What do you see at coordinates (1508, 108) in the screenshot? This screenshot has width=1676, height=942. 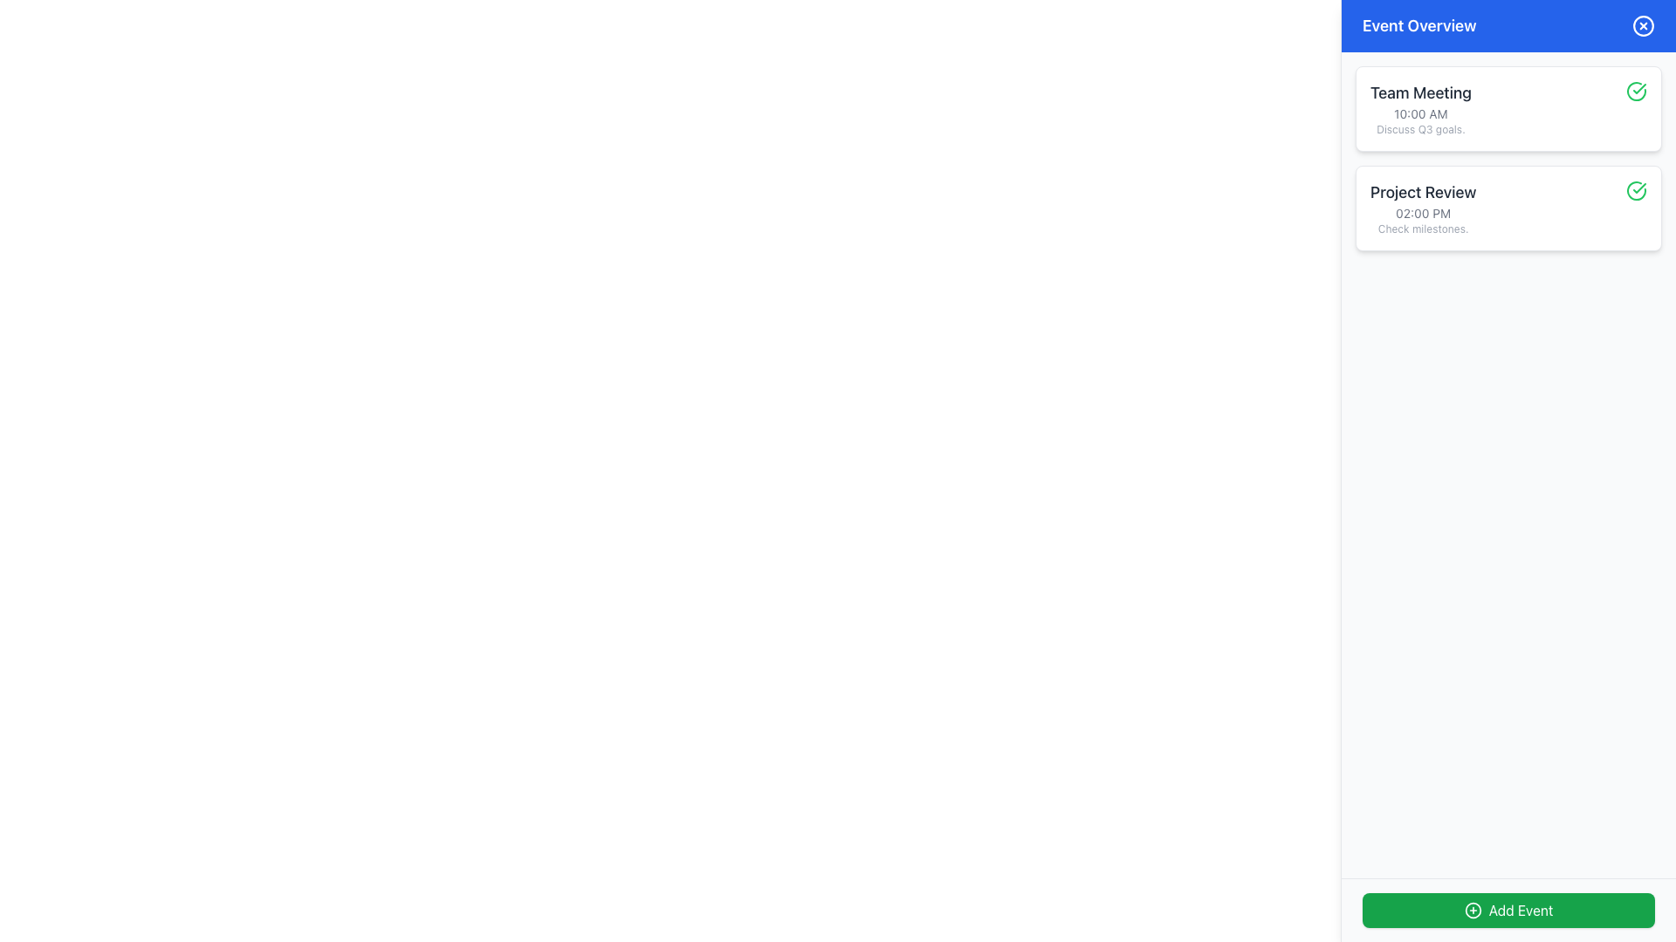 I see `the first event card in the schedule or to-do list` at bounding box center [1508, 108].